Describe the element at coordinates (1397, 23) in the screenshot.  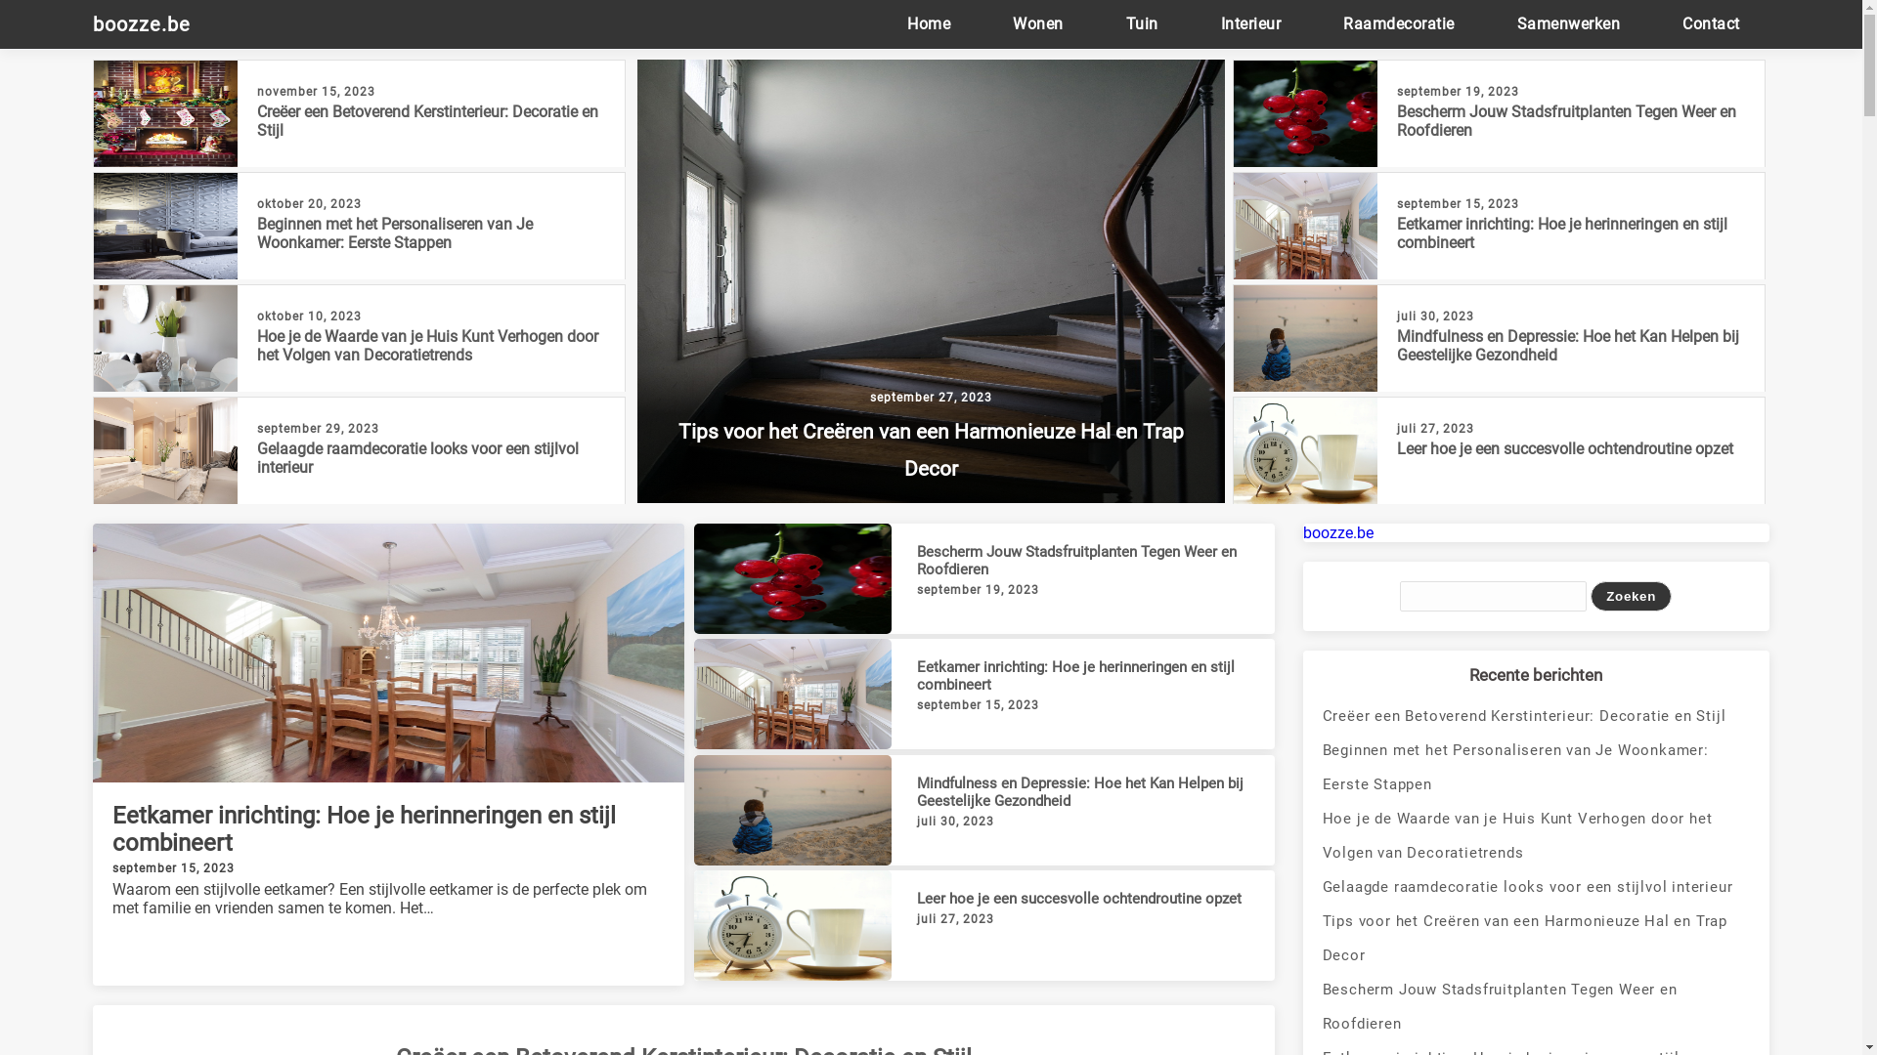
I see `'Raamdecoratie'` at that location.